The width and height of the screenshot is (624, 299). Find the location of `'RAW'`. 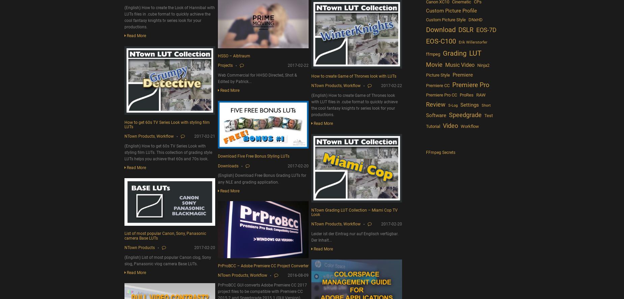

'RAW' is located at coordinates (476, 94).